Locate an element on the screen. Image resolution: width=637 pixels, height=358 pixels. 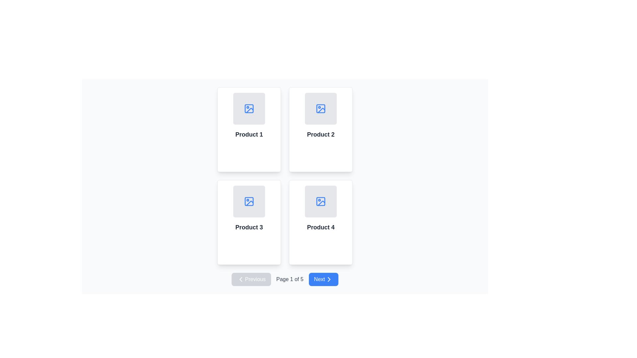
the button located at the bottom left corner of the interface, which navigates to the previous page, updating the displayed content is located at coordinates (251, 279).